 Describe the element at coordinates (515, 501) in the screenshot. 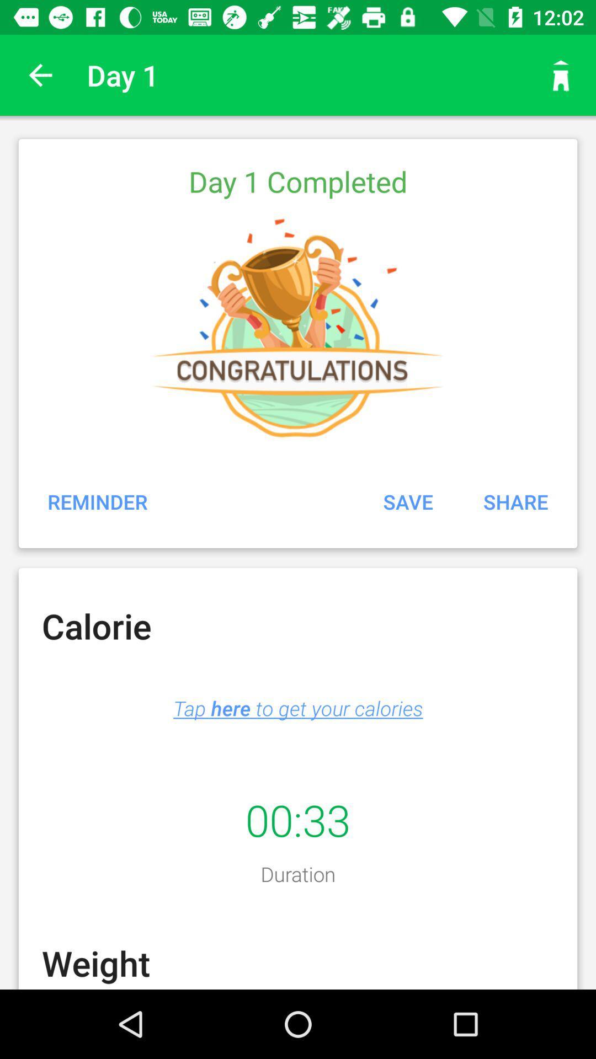

I see `share item` at that location.